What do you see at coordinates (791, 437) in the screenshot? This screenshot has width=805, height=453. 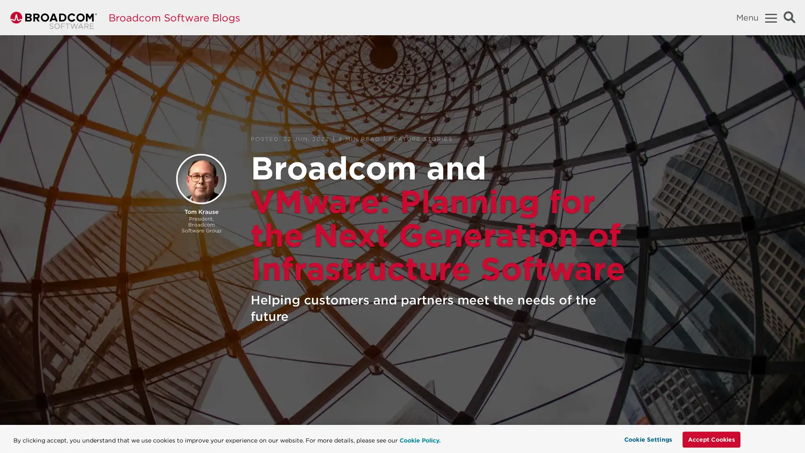 I see `Close` at bounding box center [791, 437].